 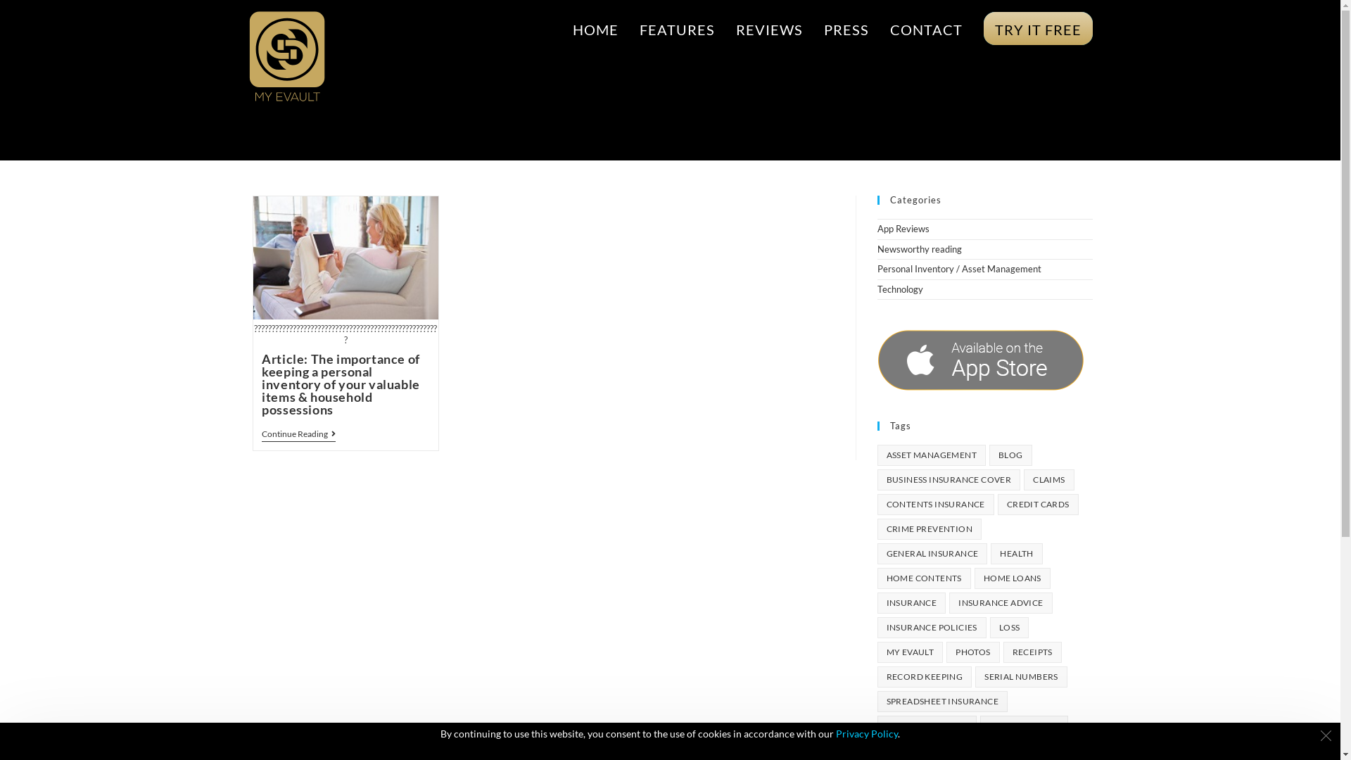 I want to click on 'SERIAL NUMBERS', so click(x=1021, y=676).